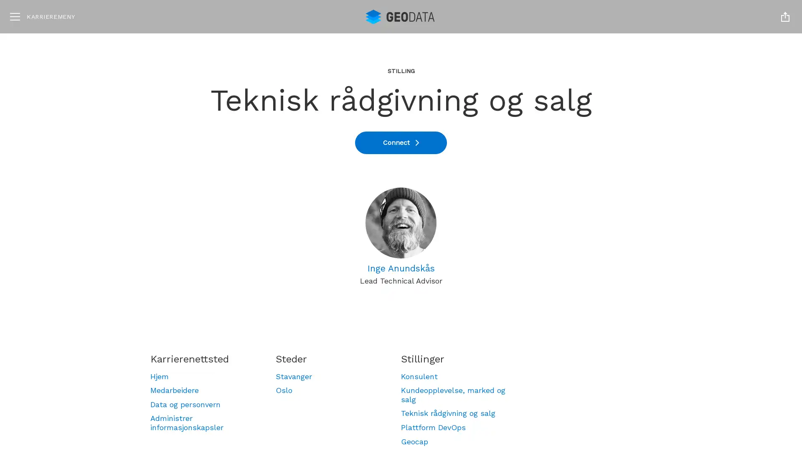 The width and height of the screenshot is (802, 451). What do you see at coordinates (706, 382) in the screenshot?
I see `Deaktivere alle` at bounding box center [706, 382].